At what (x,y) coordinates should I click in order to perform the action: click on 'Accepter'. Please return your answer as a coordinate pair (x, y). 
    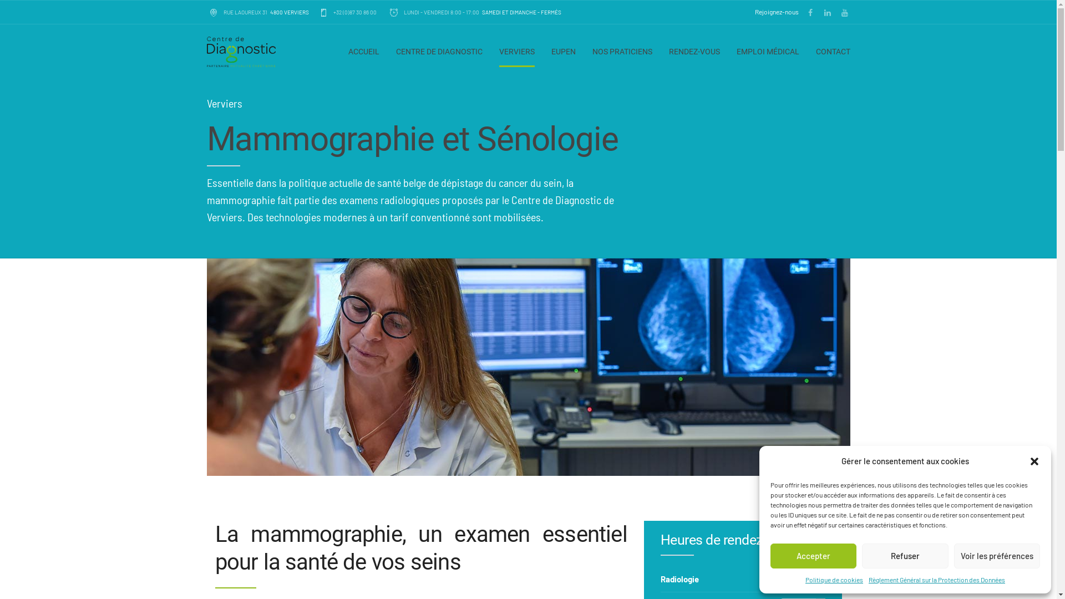
    Looking at the image, I should click on (769, 556).